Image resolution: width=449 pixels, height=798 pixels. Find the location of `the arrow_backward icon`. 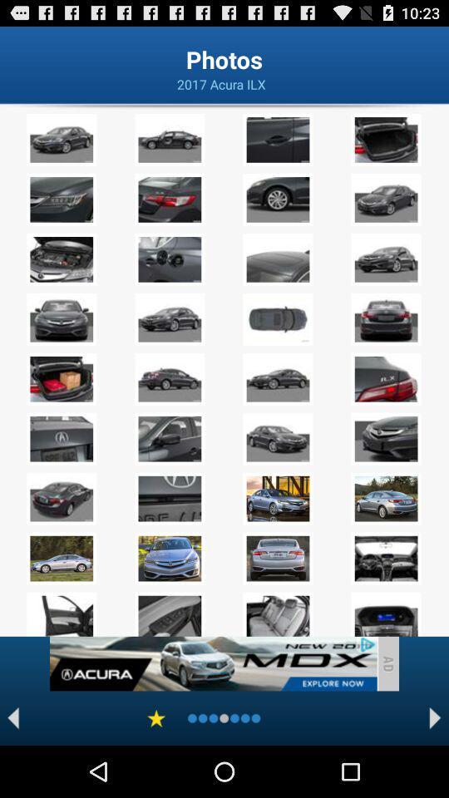

the arrow_backward icon is located at coordinates (12, 768).